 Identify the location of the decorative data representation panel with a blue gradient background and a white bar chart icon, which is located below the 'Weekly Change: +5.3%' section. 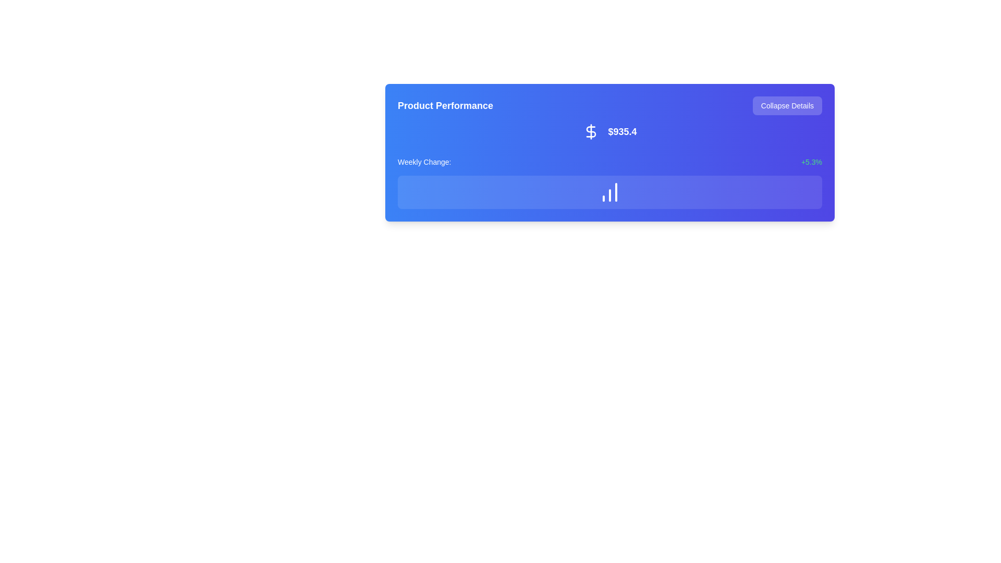
(610, 192).